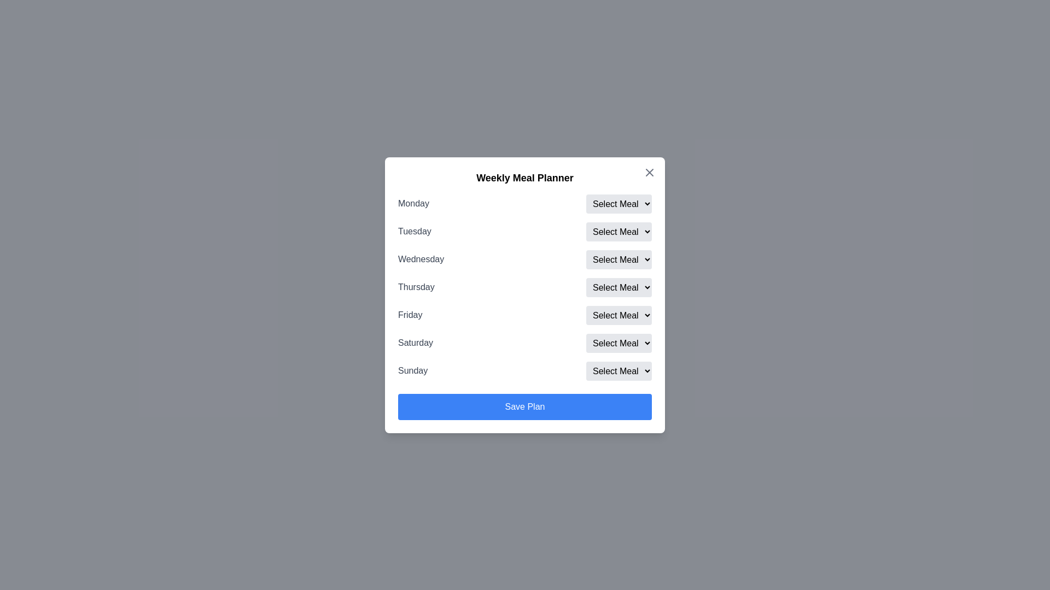 The width and height of the screenshot is (1050, 590). What do you see at coordinates (525, 295) in the screenshot?
I see `the background overlay to close the dialog box` at bounding box center [525, 295].